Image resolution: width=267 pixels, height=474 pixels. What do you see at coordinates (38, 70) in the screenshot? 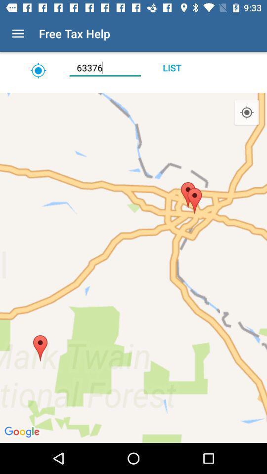
I see `item next to the 63376 item` at bounding box center [38, 70].